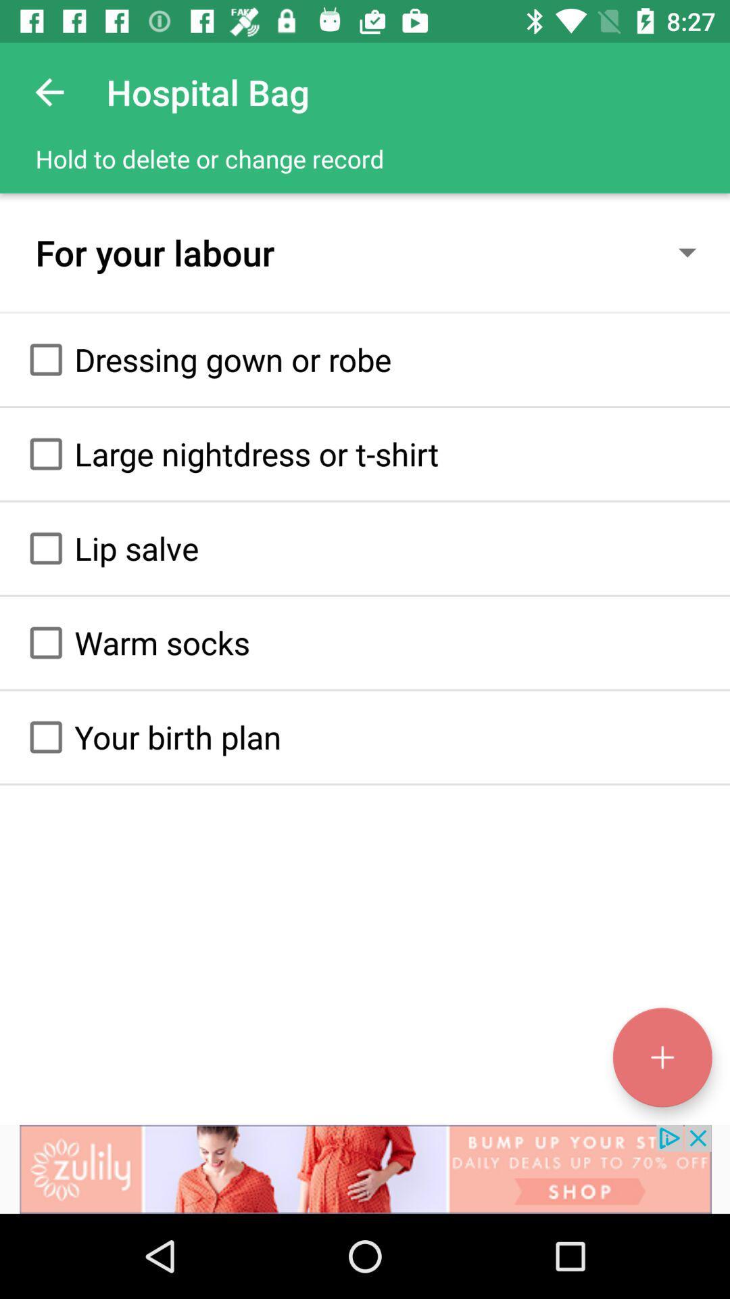 This screenshot has width=730, height=1299. I want to click on select, so click(45, 736).